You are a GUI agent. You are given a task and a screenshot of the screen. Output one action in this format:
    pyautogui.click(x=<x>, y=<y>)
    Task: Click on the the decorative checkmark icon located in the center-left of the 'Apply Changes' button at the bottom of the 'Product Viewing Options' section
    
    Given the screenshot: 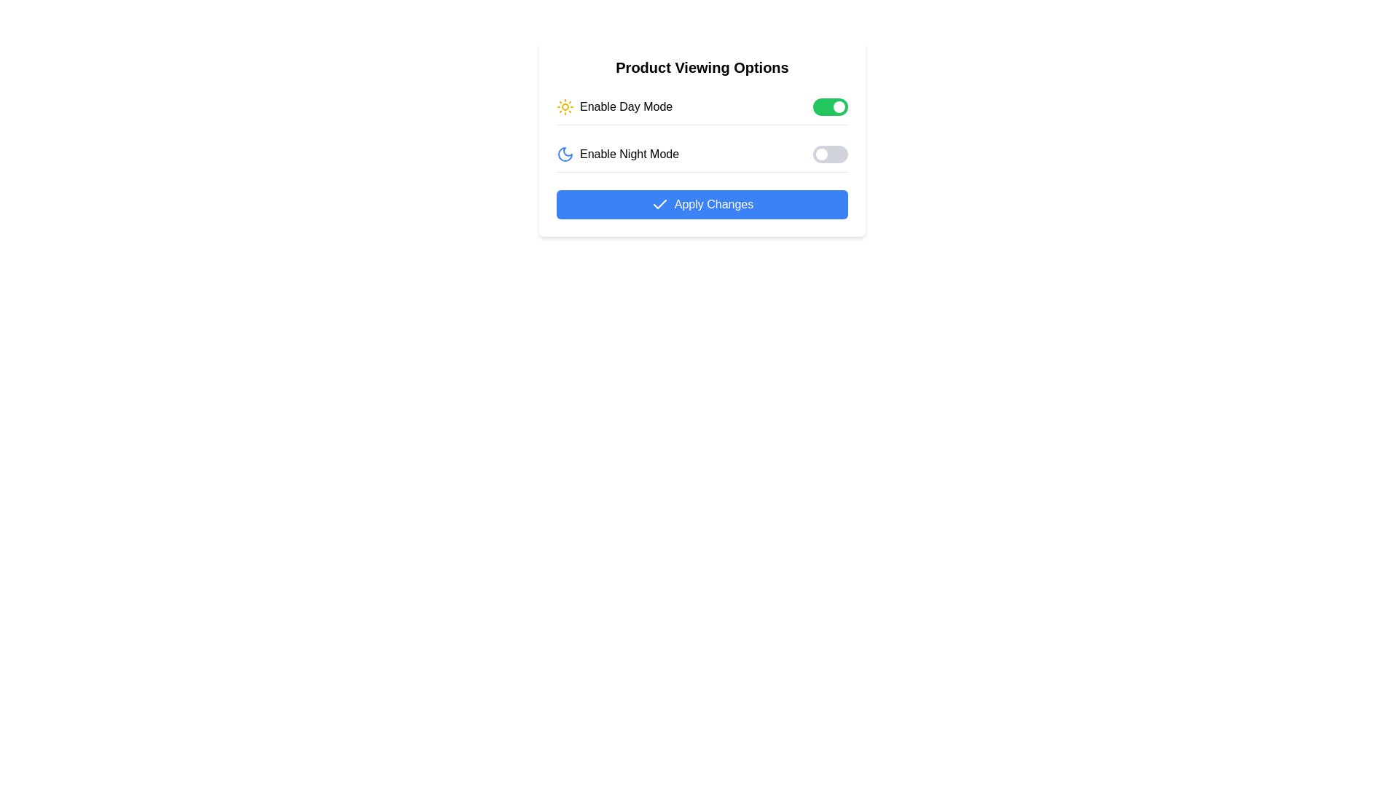 What is the action you would take?
    pyautogui.click(x=659, y=205)
    